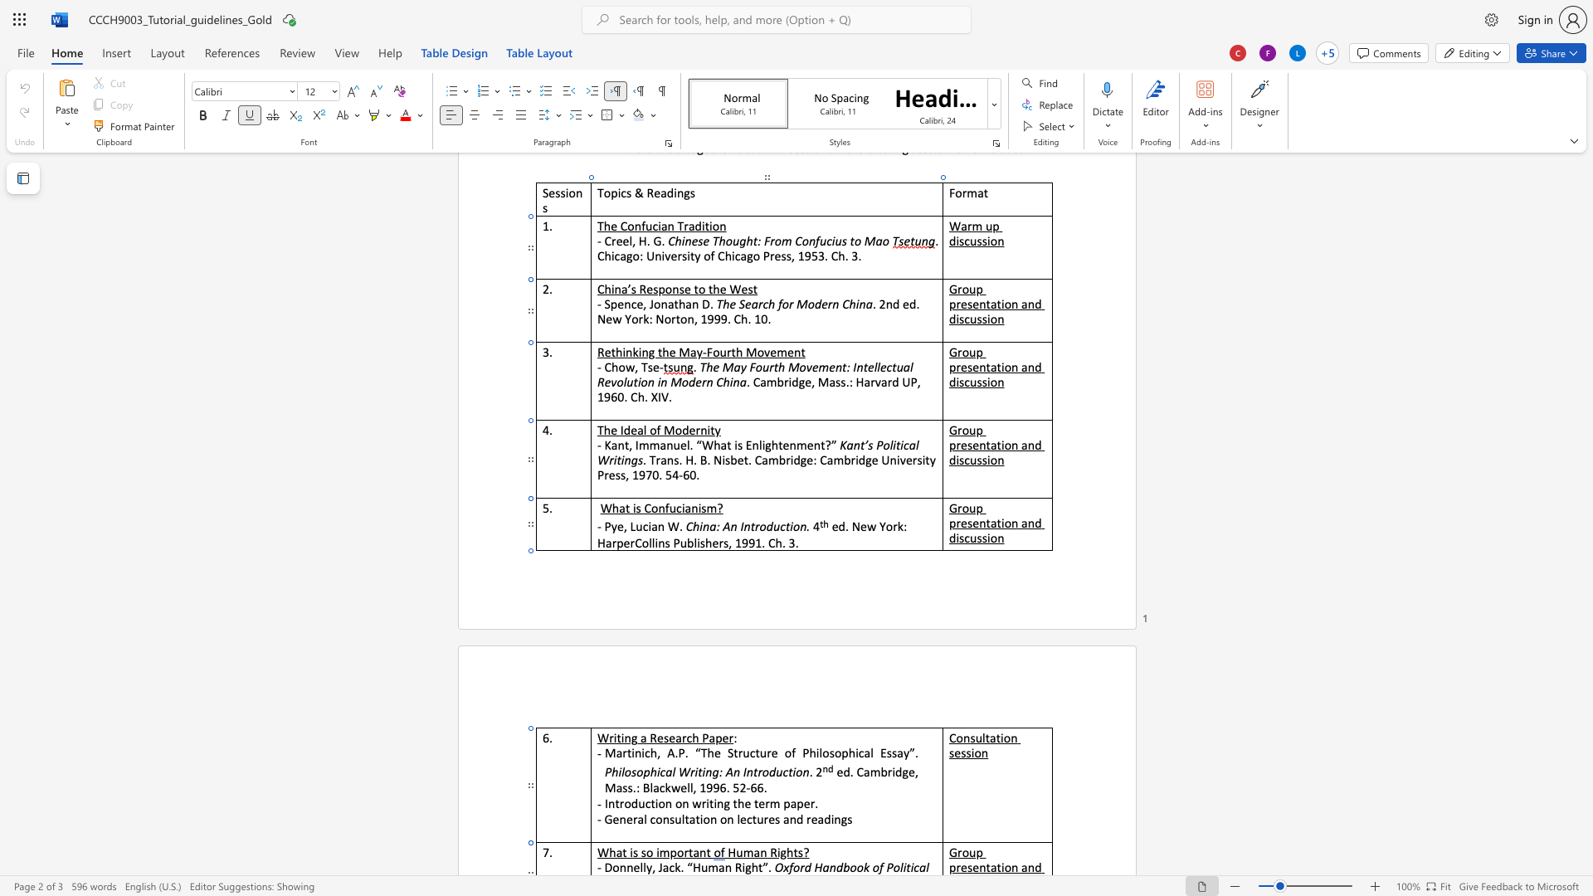 Image resolution: width=1593 pixels, height=896 pixels. What do you see at coordinates (750, 786) in the screenshot?
I see `the space between the continuous character "-" and "6" in the text` at bounding box center [750, 786].